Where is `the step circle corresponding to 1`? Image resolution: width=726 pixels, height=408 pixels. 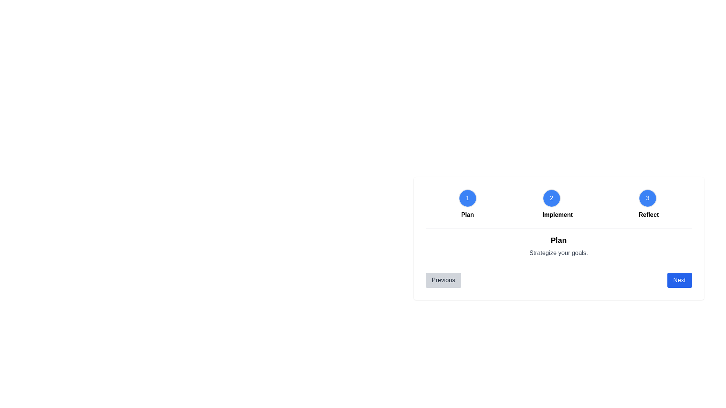 the step circle corresponding to 1 is located at coordinates (467, 198).